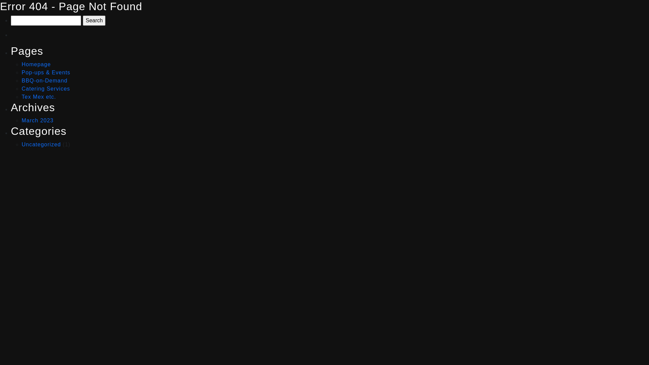  What do you see at coordinates (45, 88) in the screenshot?
I see `'Catering Services'` at bounding box center [45, 88].